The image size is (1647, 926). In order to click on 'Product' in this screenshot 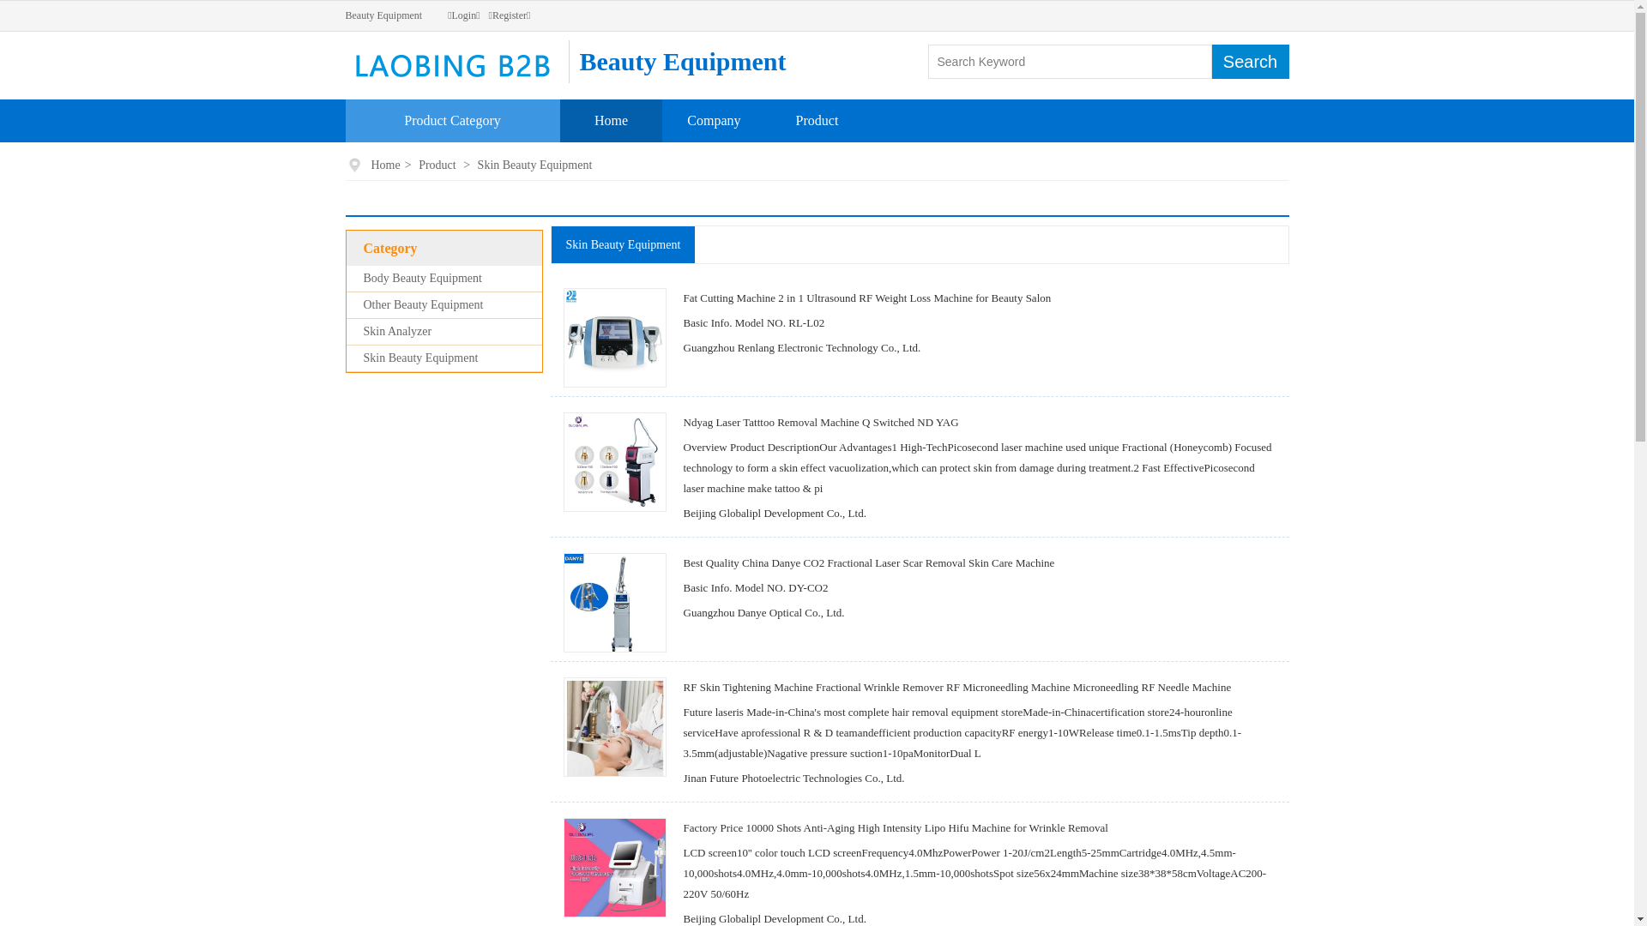, I will do `click(817, 119)`.